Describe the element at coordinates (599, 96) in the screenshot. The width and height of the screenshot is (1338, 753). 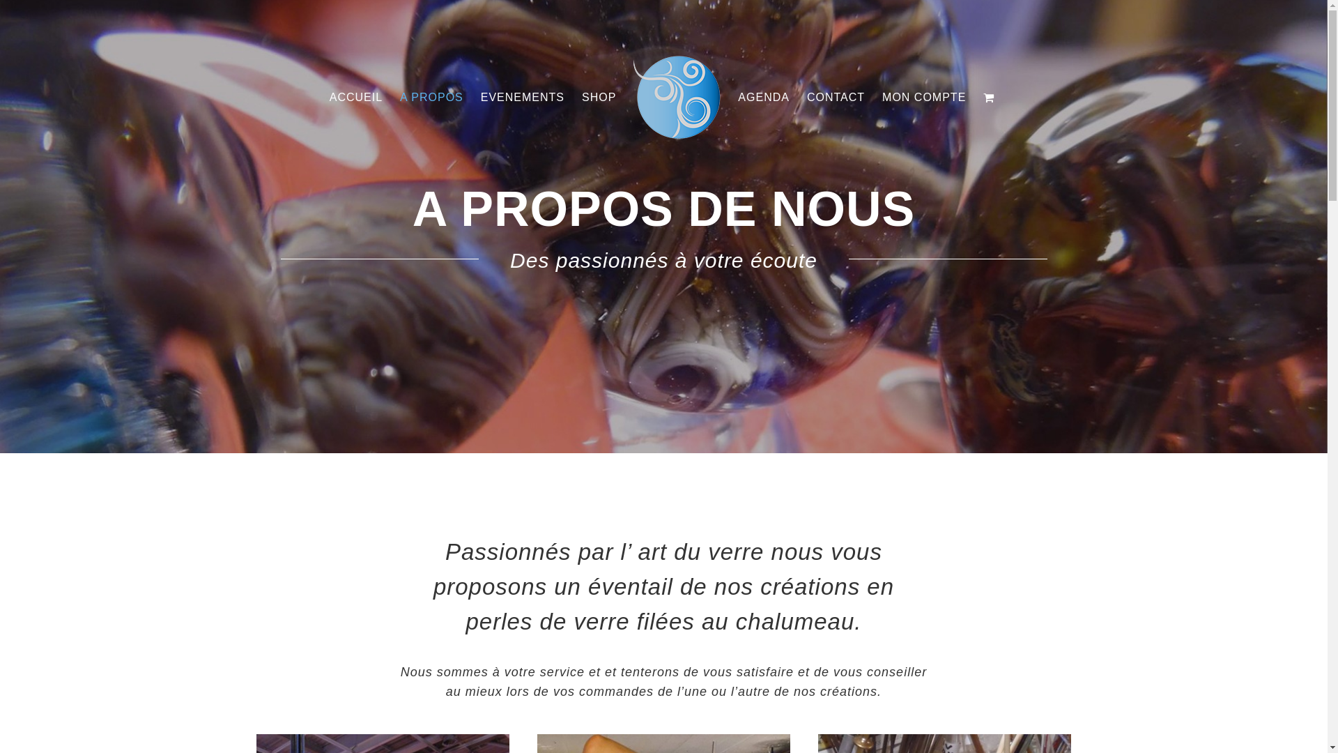
I see `'SHOP'` at that location.